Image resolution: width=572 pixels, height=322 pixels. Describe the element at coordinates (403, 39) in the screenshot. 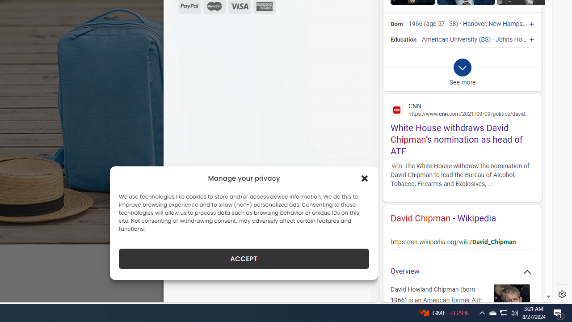

I see `'Education'` at that location.